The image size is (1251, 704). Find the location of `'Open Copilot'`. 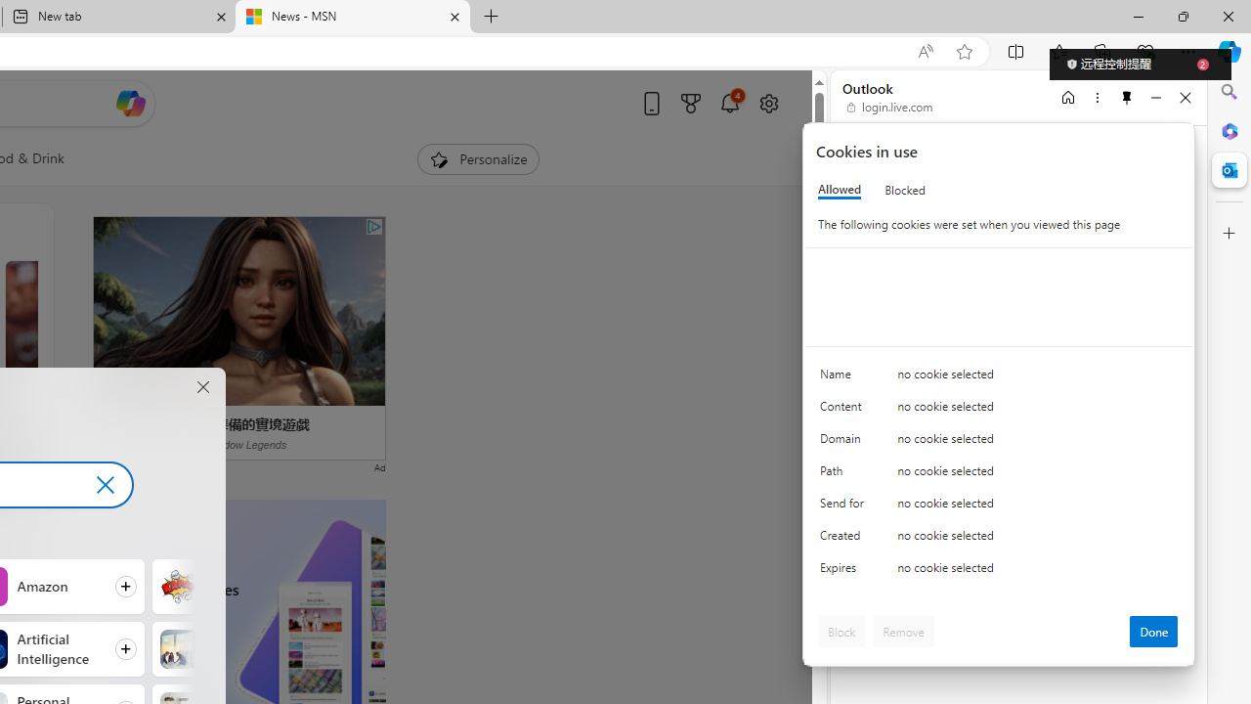

'Open Copilot' is located at coordinates (129, 103).